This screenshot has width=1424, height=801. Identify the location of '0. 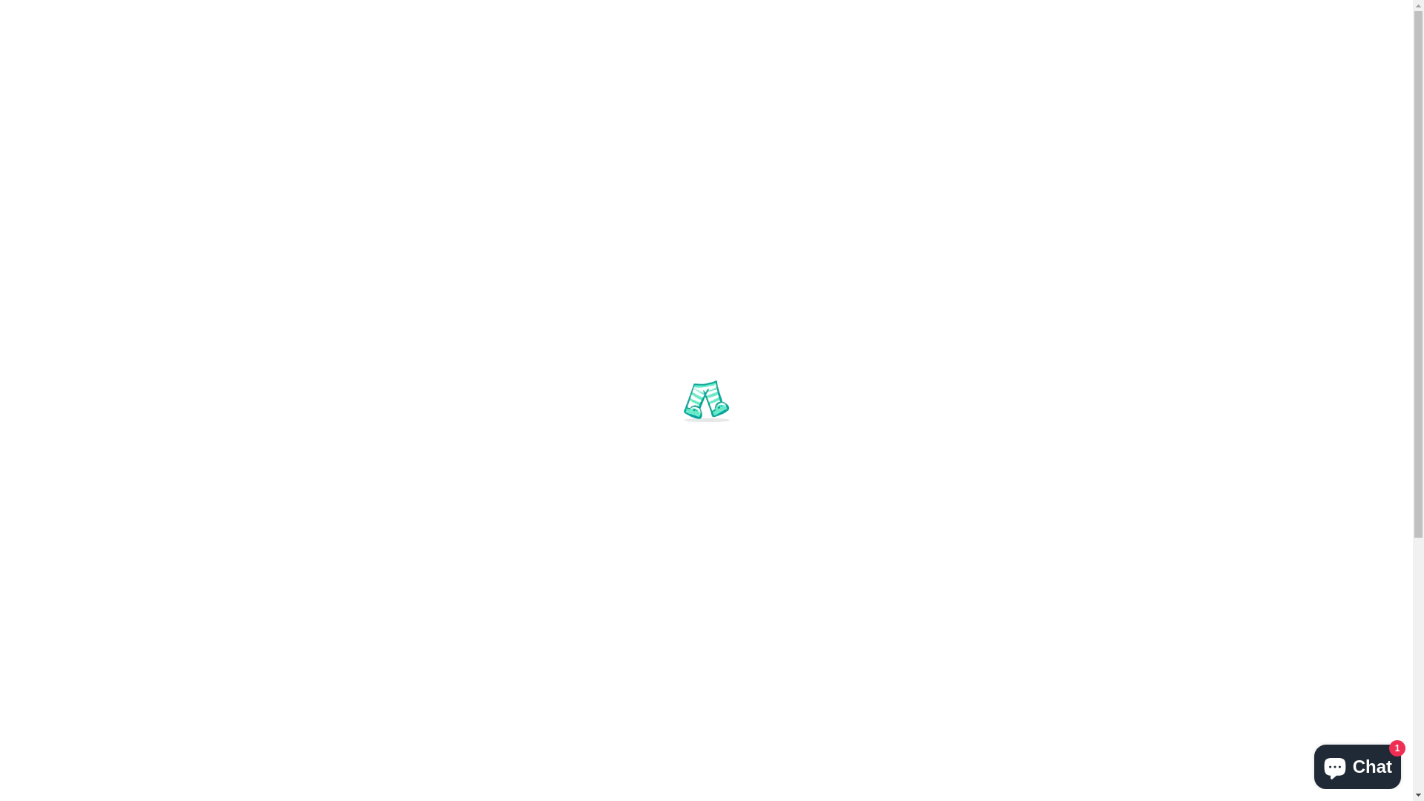
(1104, 105).